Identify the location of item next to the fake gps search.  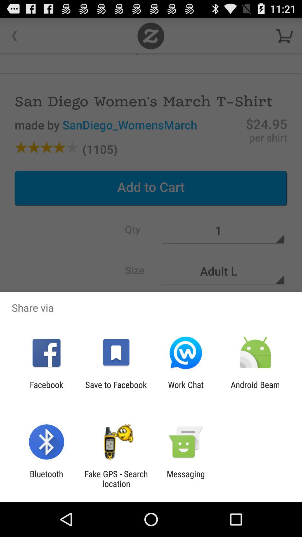
(46, 479).